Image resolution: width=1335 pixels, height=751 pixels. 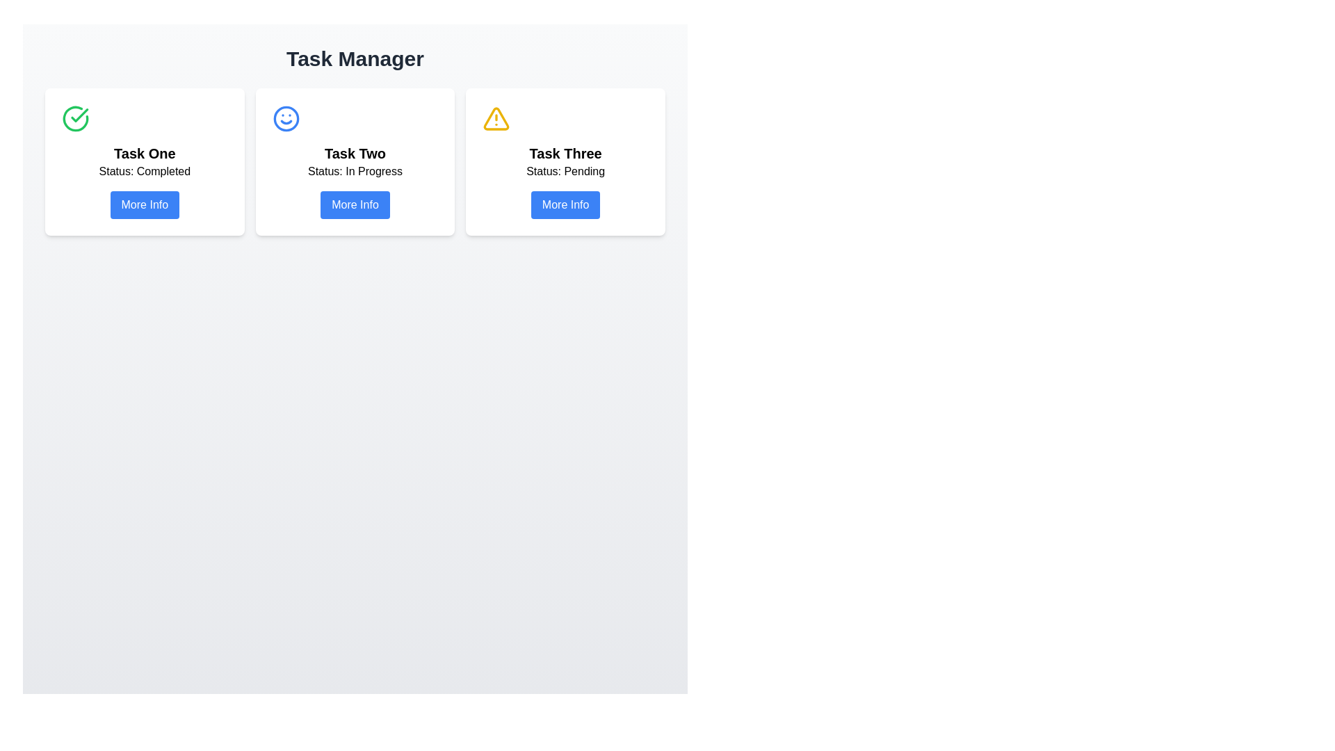 What do you see at coordinates (145, 204) in the screenshot?
I see `the button located at the bottom center of the 'Task One' card, which shows the status 'Completed', to change its background color` at bounding box center [145, 204].